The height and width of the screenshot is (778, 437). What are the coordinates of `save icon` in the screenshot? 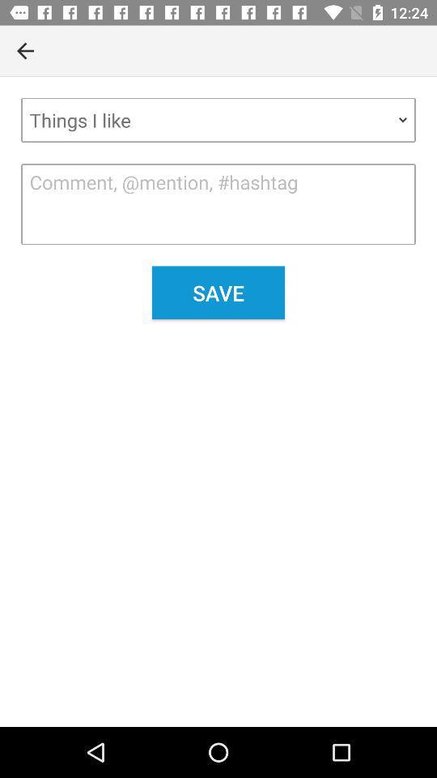 It's located at (218, 292).